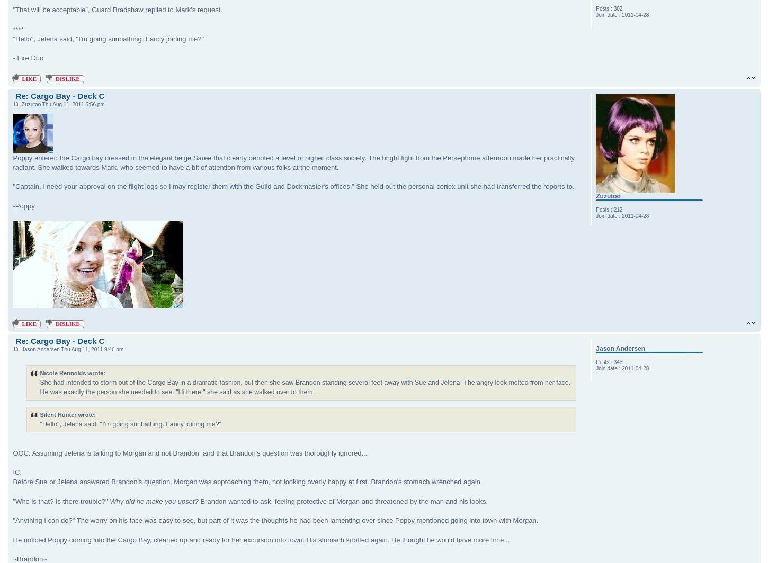 This screenshot has height=563, width=768. What do you see at coordinates (154, 501) in the screenshot?
I see `'Why did he make you upset?'` at bounding box center [154, 501].